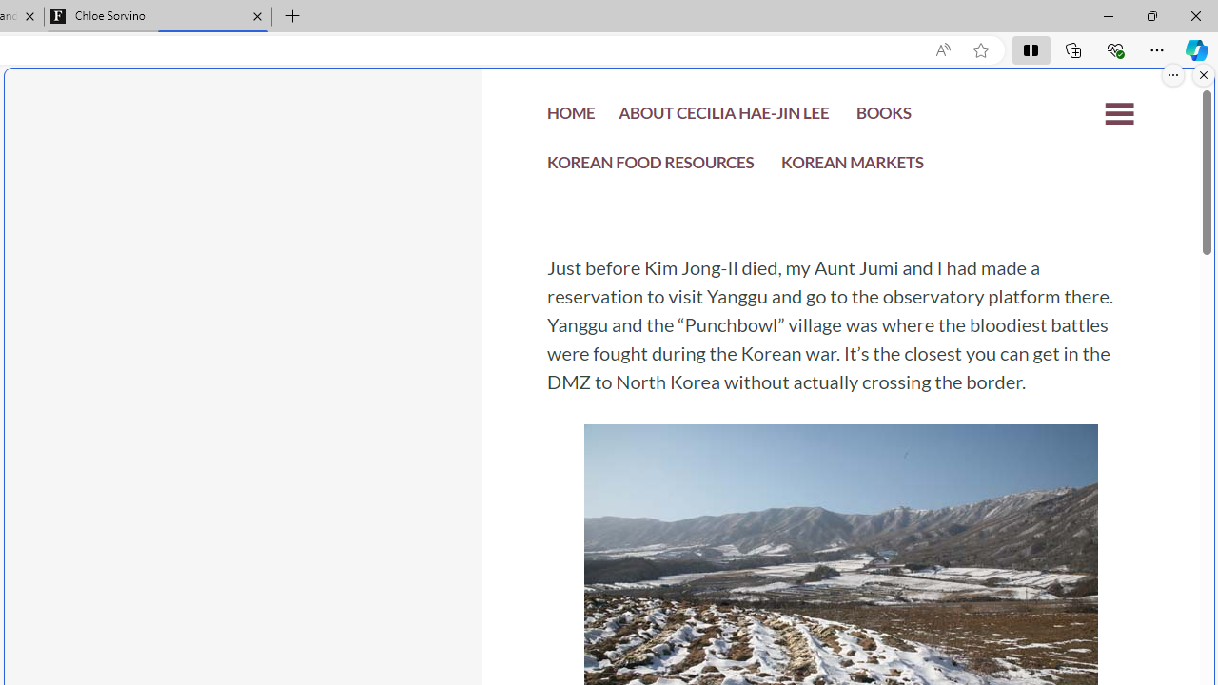 This screenshot has width=1218, height=685. Describe the element at coordinates (722, 116) in the screenshot. I see `'ABOUT CECILIA HAE-JIN LEE'` at that location.